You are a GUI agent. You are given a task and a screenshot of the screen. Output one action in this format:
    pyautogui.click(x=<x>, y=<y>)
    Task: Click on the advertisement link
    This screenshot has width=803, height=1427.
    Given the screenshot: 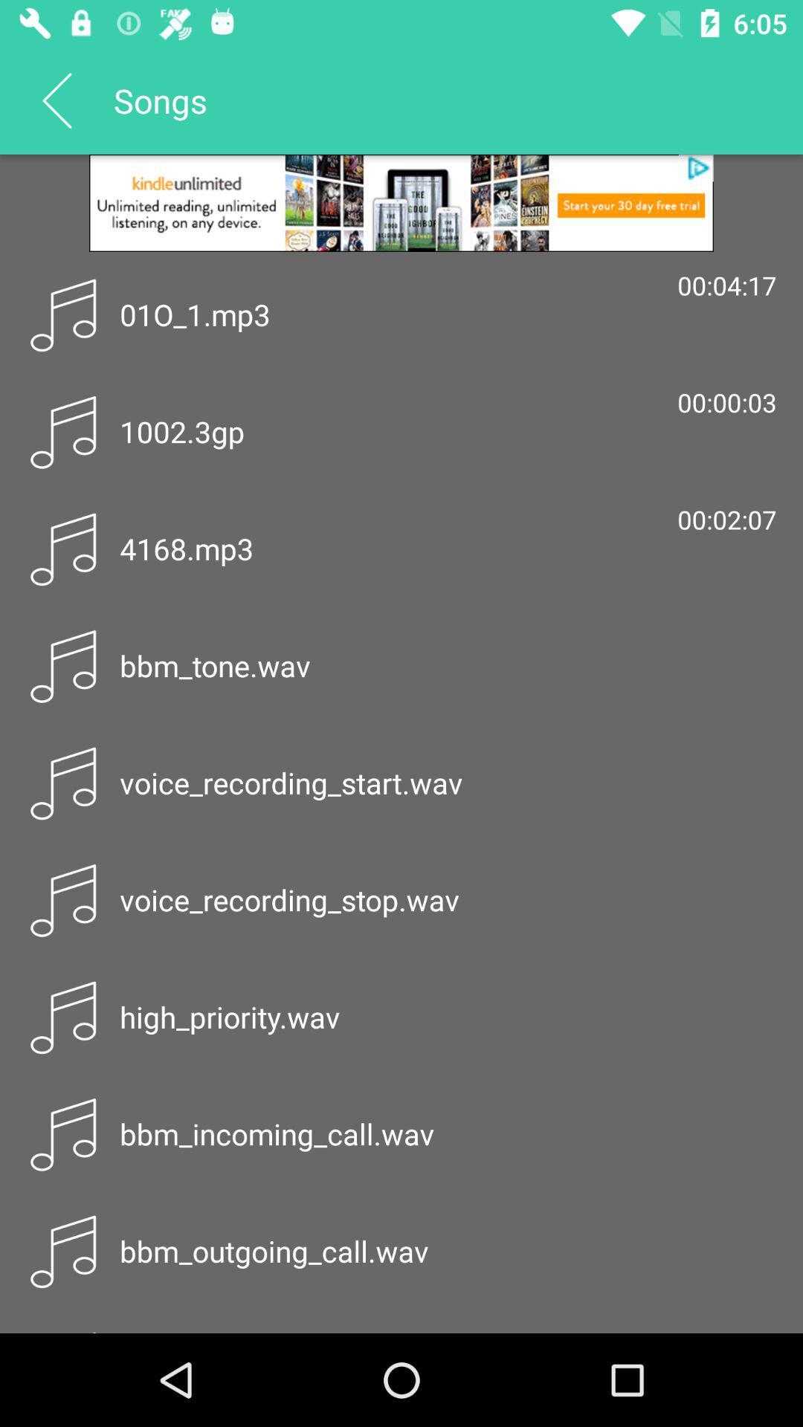 What is the action you would take?
    pyautogui.click(x=401, y=202)
    